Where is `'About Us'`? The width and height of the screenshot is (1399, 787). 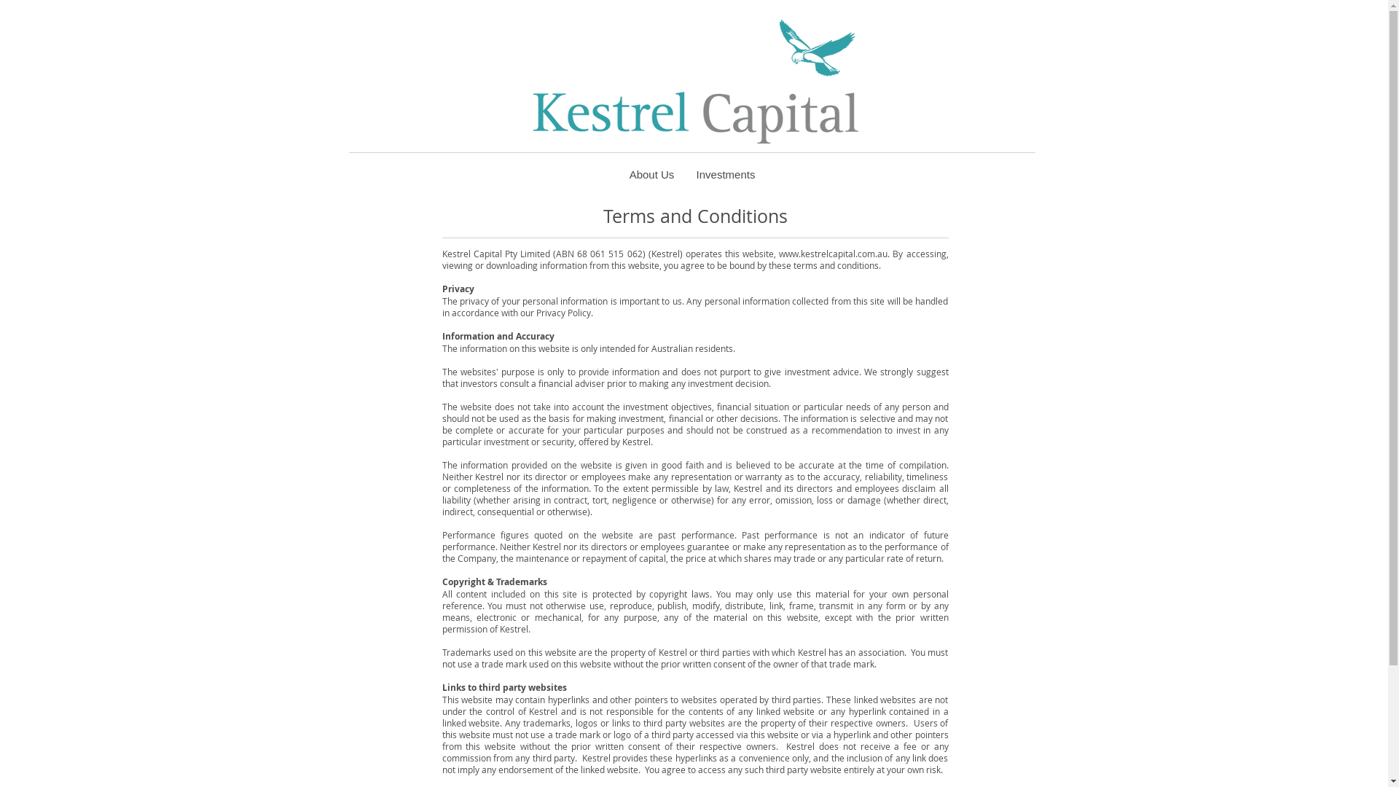 'About Us' is located at coordinates (650, 173).